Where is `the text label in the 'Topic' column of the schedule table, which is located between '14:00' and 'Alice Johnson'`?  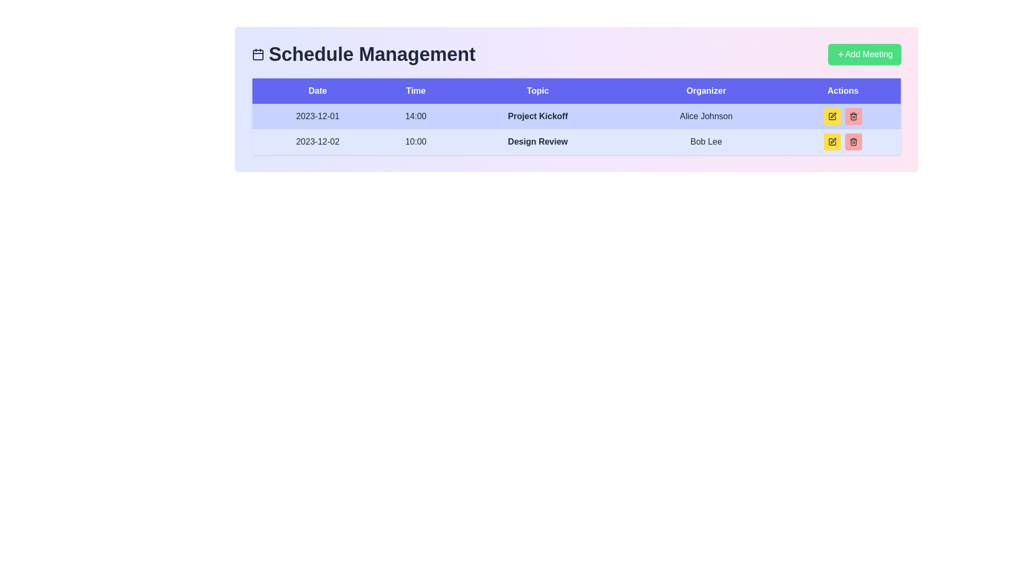
the text label in the 'Topic' column of the schedule table, which is located between '14:00' and 'Alice Johnson' is located at coordinates (538, 116).